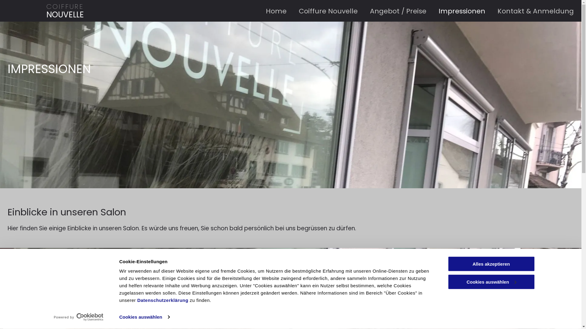 The width and height of the screenshot is (586, 329). I want to click on 'COIFFURE', so click(65, 6).